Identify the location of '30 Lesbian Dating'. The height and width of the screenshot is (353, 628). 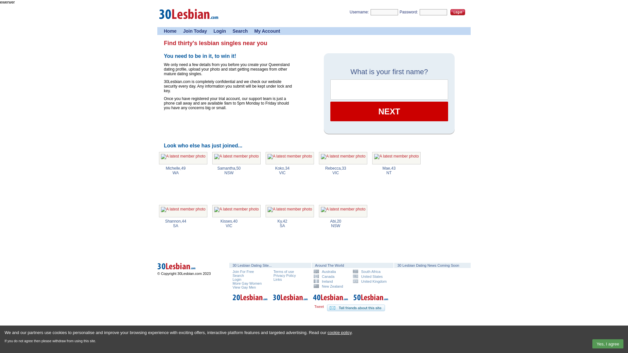
(290, 301).